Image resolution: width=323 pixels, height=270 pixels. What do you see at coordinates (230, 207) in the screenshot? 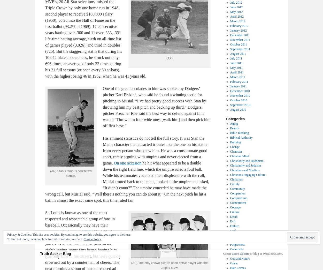
I see `'Courage'` at bounding box center [230, 207].